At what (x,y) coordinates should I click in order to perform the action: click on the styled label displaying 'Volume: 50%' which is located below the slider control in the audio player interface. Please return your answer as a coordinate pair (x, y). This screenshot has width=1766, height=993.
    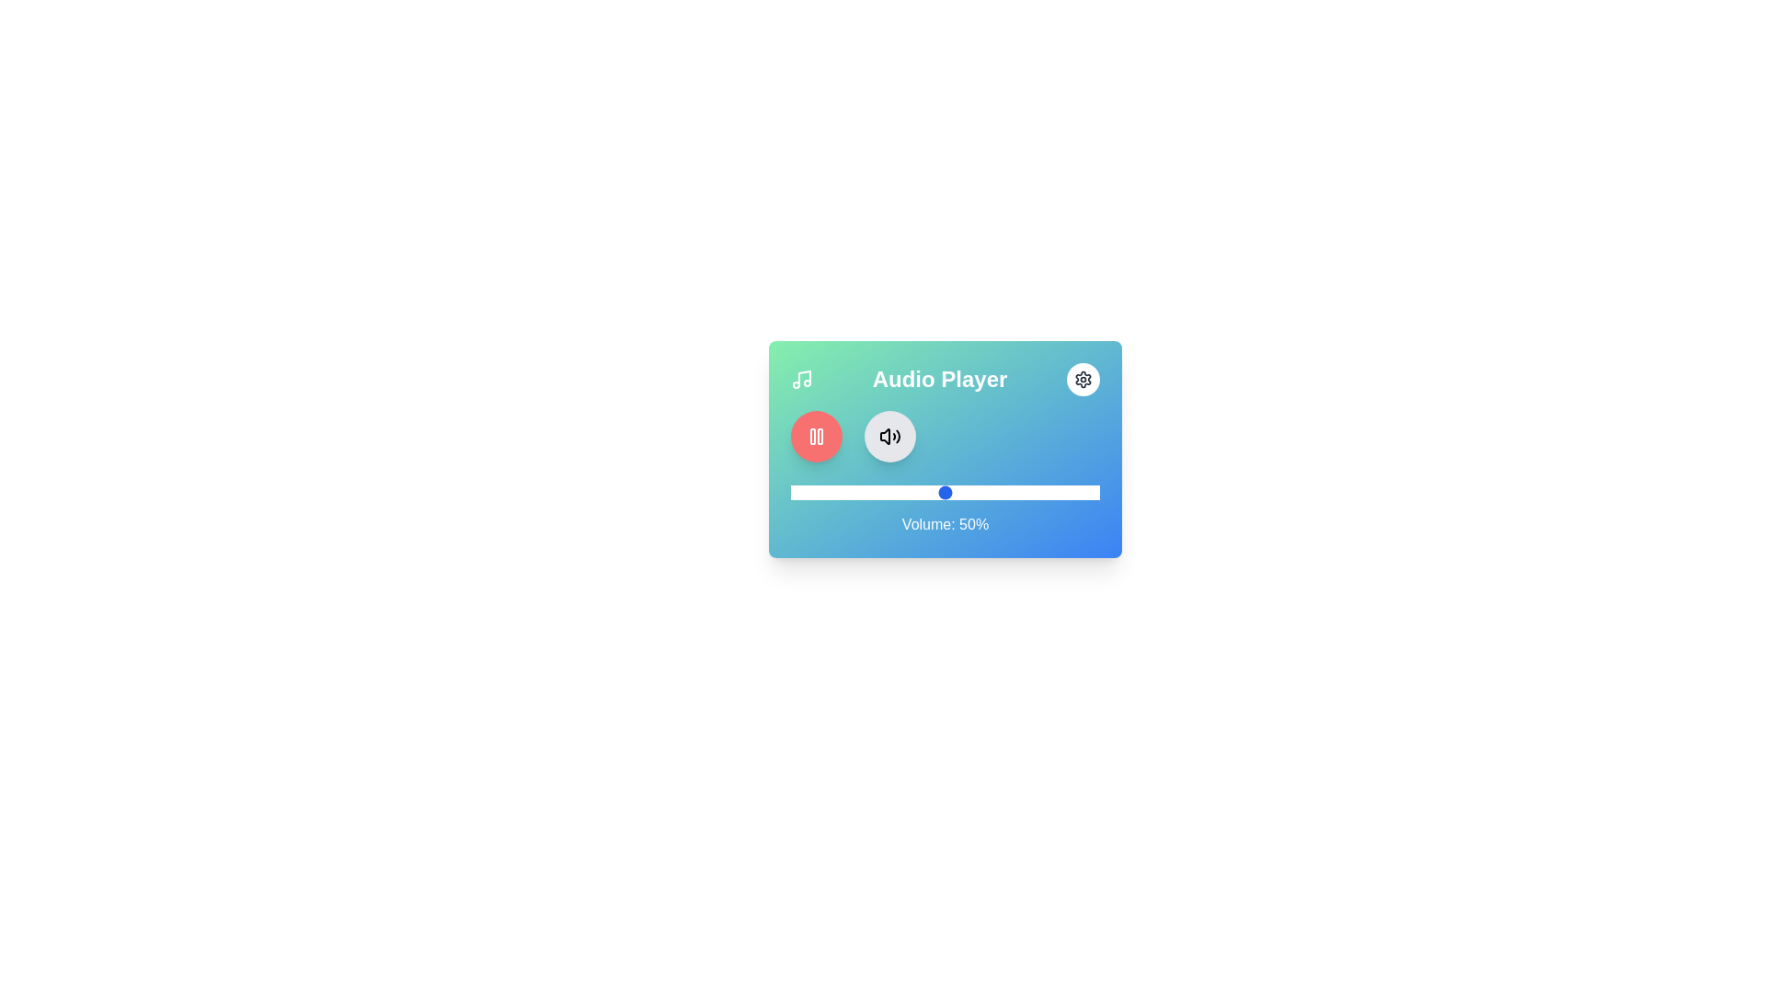
    Looking at the image, I should click on (945, 510).